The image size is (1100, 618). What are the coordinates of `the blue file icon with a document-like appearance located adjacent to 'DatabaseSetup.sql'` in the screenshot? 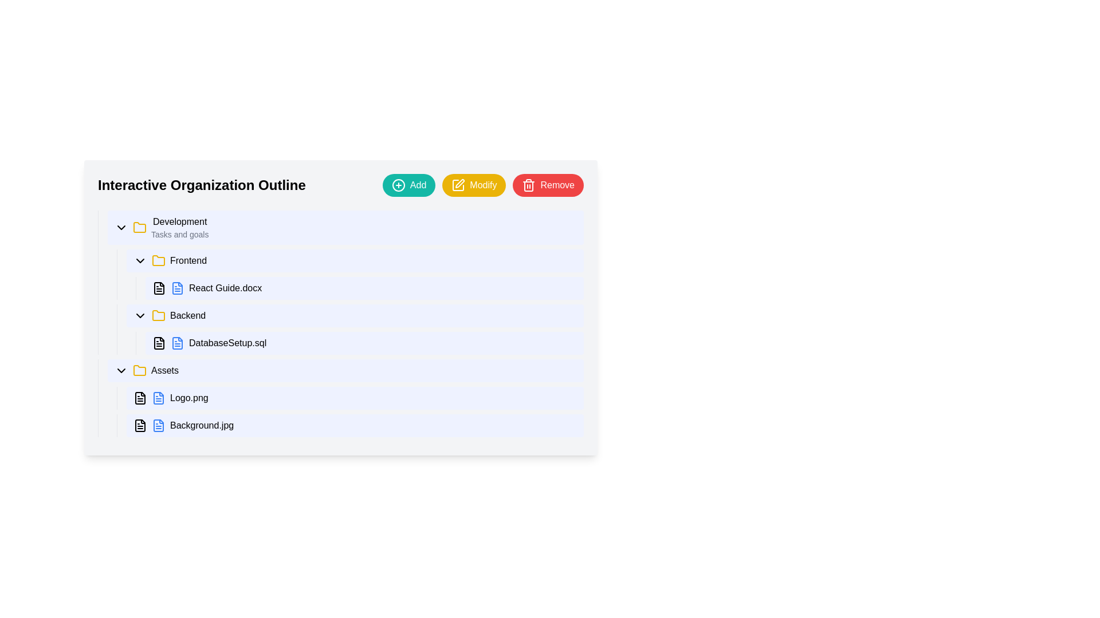 It's located at (177, 343).